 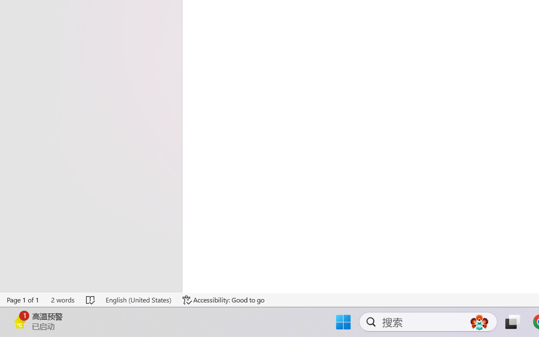 I want to click on 'Language English (United States)', so click(x=138, y=300).